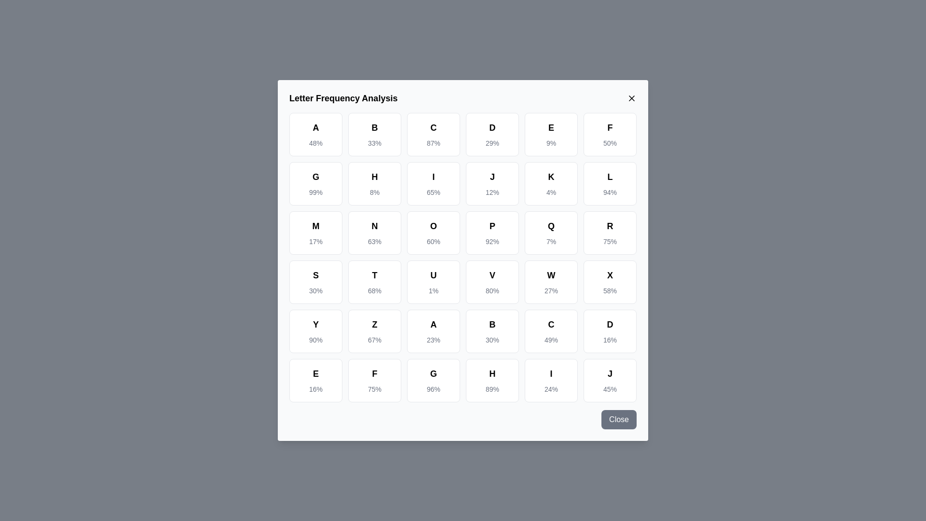 Image resolution: width=926 pixels, height=521 pixels. Describe the element at coordinates (374, 233) in the screenshot. I see `the letter cell corresponding to N` at that location.